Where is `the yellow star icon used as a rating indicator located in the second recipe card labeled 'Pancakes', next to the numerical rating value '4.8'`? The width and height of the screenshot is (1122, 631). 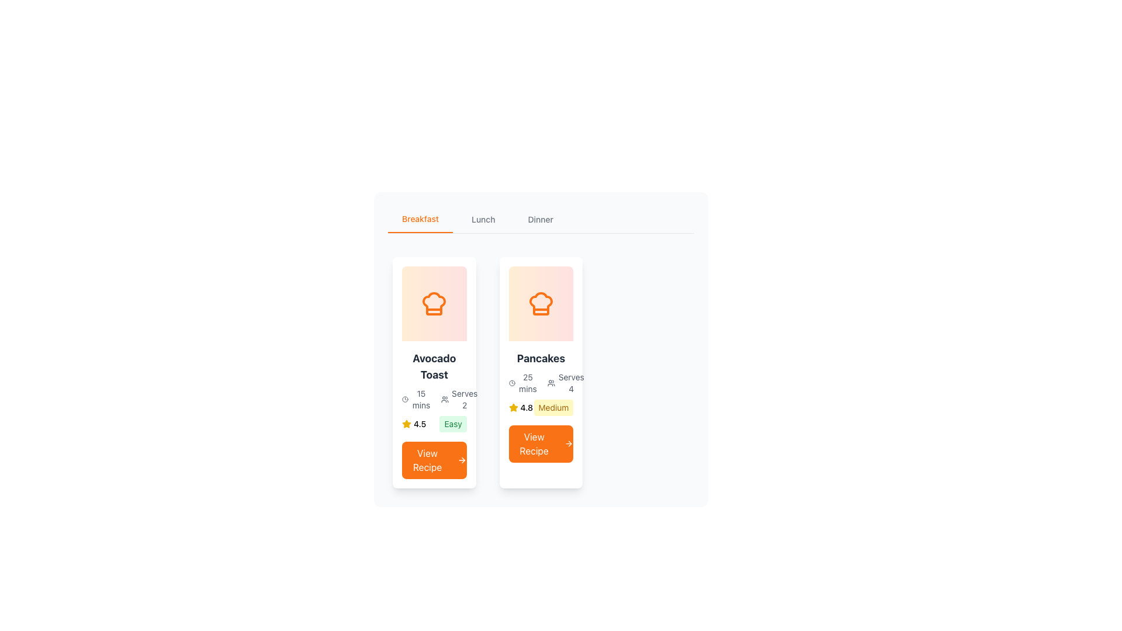
the yellow star icon used as a rating indicator located in the second recipe card labeled 'Pancakes', next to the numerical rating value '4.8' is located at coordinates (513, 407).